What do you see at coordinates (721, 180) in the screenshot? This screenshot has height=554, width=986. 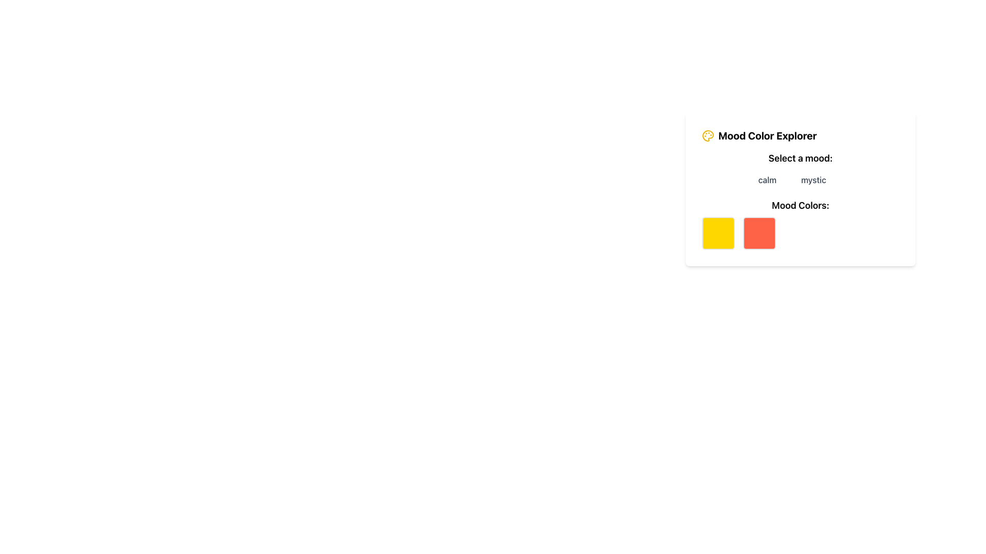 I see `the 'happy' mood button` at bounding box center [721, 180].